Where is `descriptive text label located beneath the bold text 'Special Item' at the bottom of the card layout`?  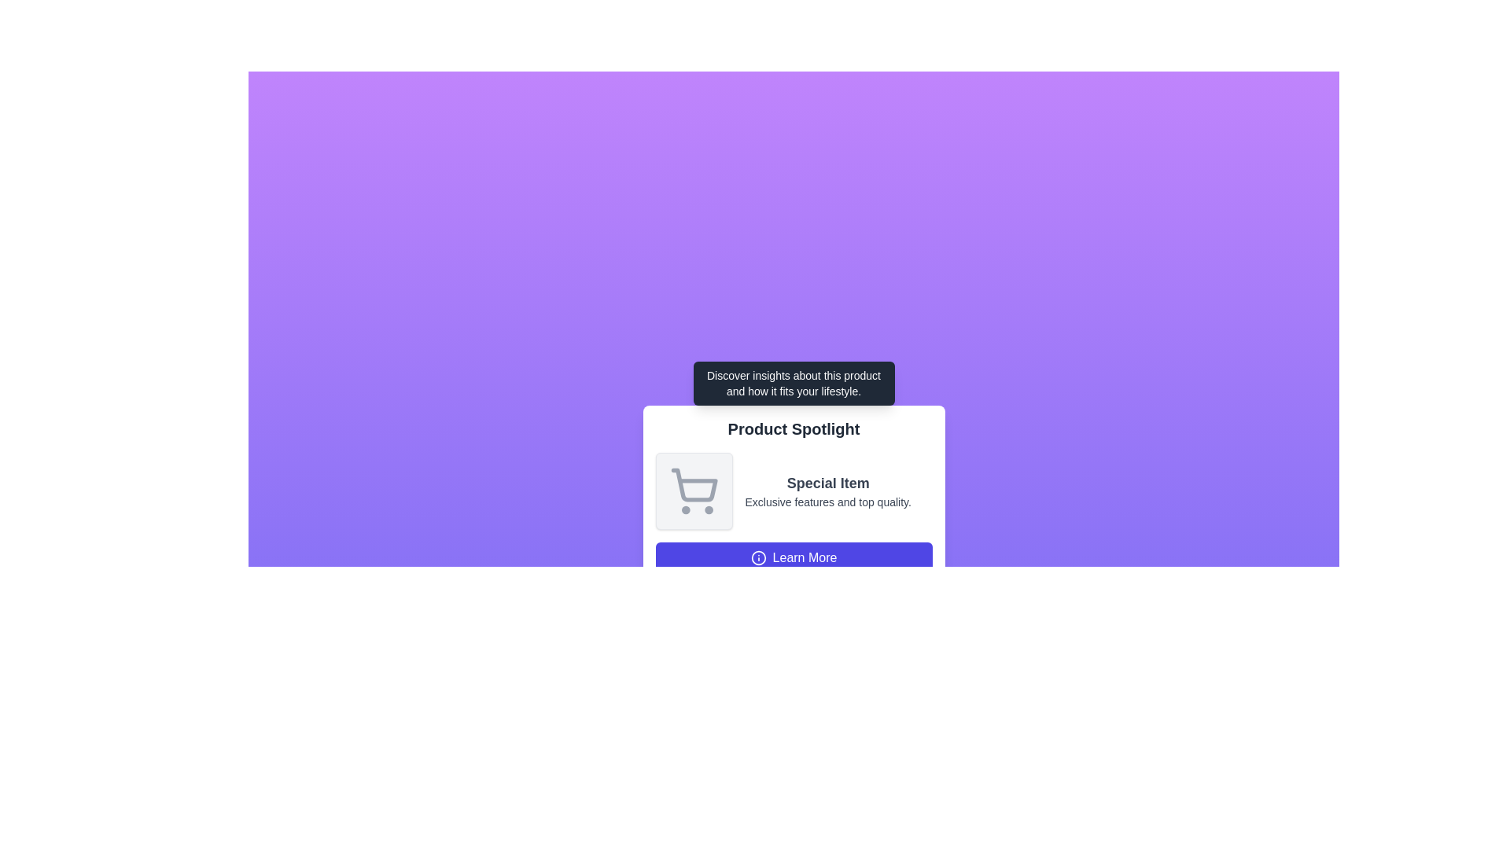
descriptive text label located beneath the bold text 'Special Item' at the bottom of the card layout is located at coordinates (827, 502).